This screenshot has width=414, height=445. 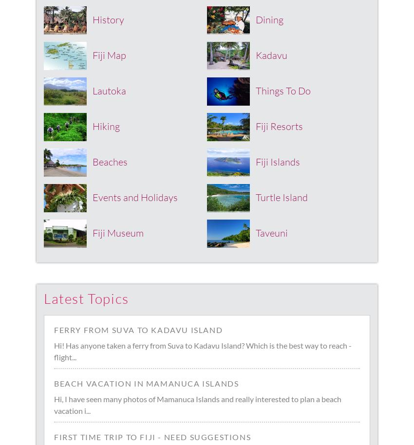 I want to click on 'Fiji Islands', so click(x=278, y=161).